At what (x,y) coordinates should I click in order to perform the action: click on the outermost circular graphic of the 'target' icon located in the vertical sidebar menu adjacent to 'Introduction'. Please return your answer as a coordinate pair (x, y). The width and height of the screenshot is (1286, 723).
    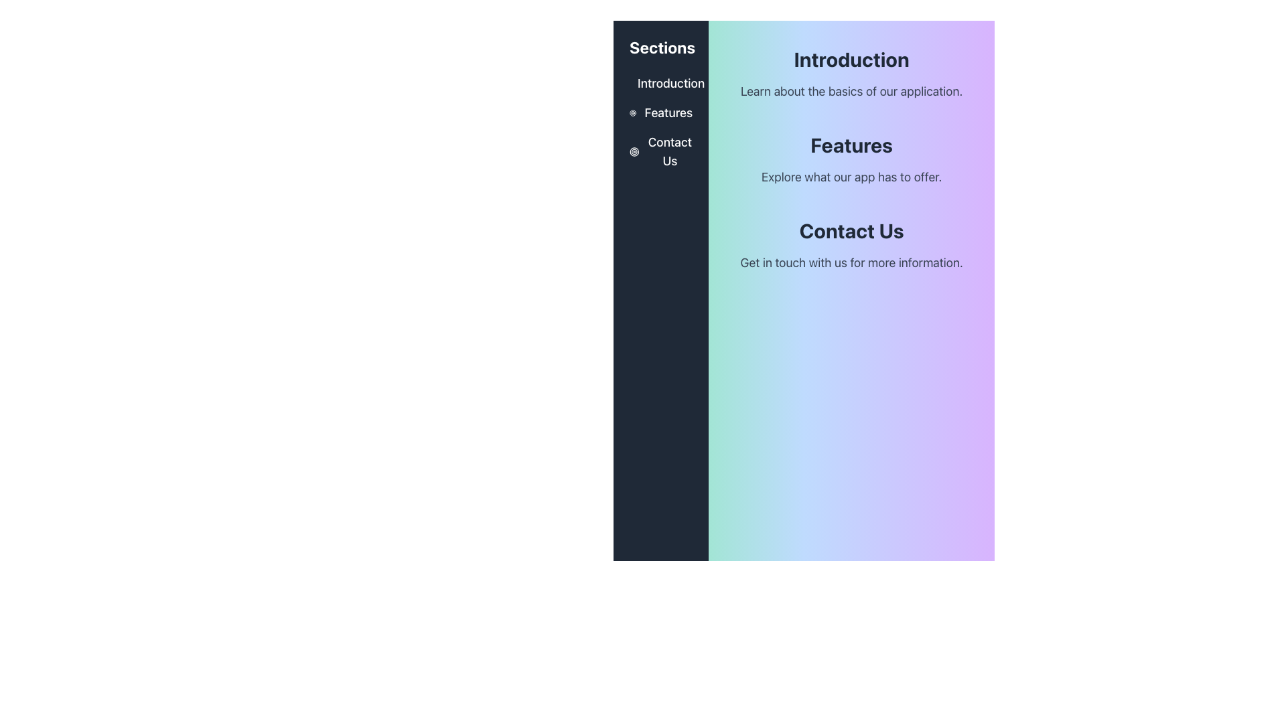
    Looking at the image, I should click on (636, 85).